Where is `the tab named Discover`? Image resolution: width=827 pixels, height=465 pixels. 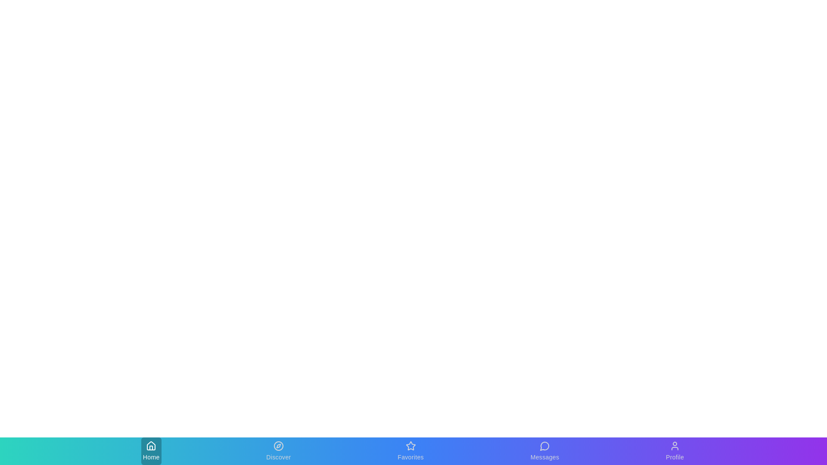 the tab named Discover is located at coordinates (278, 451).